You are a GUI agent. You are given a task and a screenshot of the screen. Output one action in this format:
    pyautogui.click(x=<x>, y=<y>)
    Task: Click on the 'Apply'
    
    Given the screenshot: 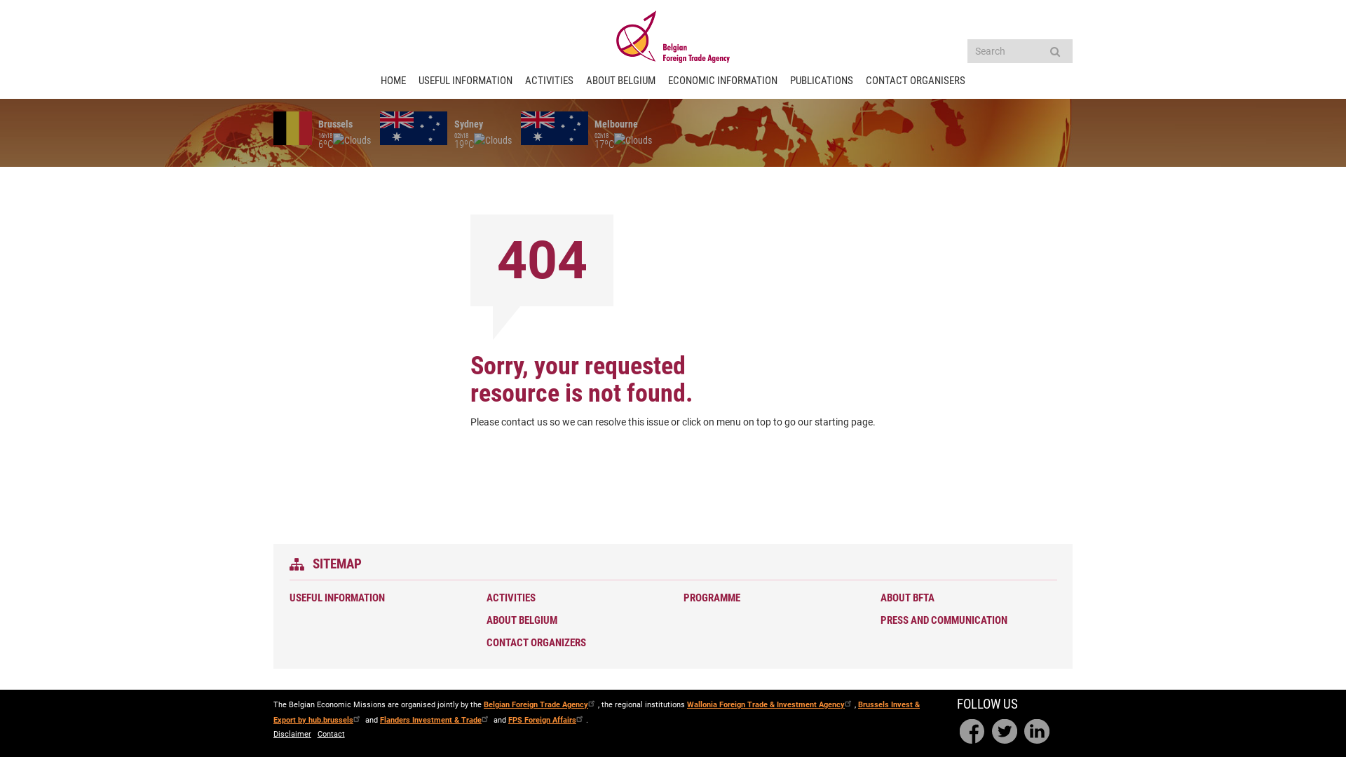 What is the action you would take?
    pyautogui.click(x=1054, y=50)
    